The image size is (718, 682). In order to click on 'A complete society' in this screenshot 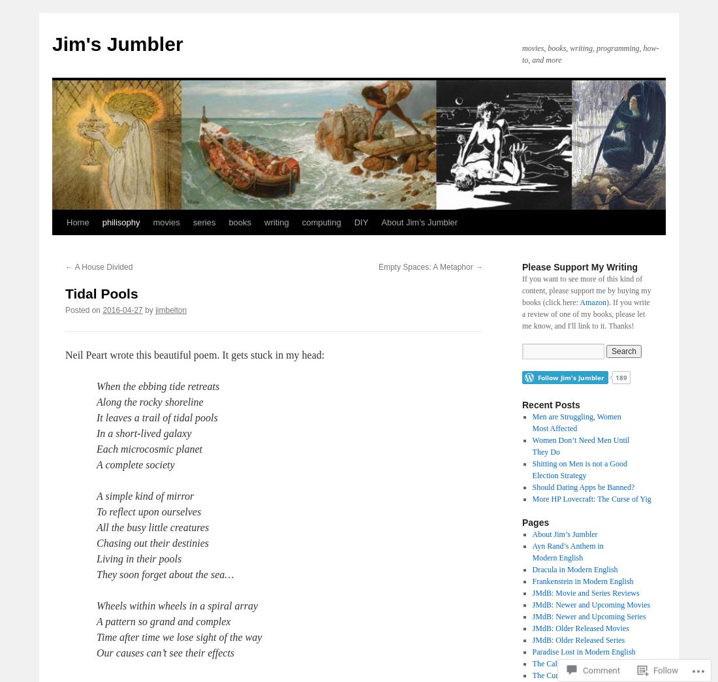, I will do `click(135, 464)`.